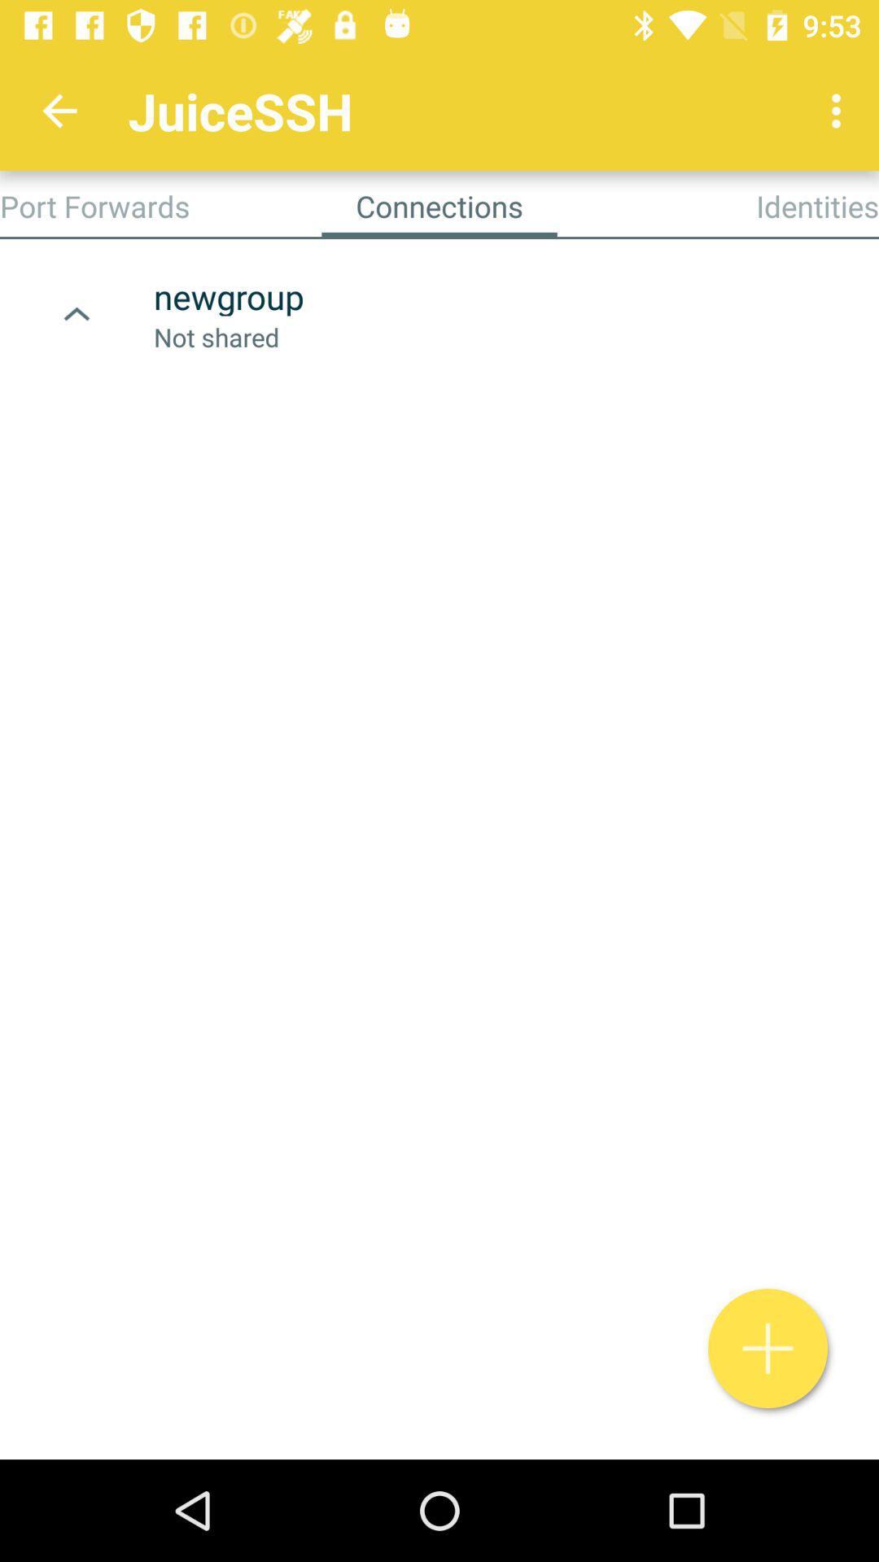  What do you see at coordinates (817, 205) in the screenshot?
I see `the identities app` at bounding box center [817, 205].